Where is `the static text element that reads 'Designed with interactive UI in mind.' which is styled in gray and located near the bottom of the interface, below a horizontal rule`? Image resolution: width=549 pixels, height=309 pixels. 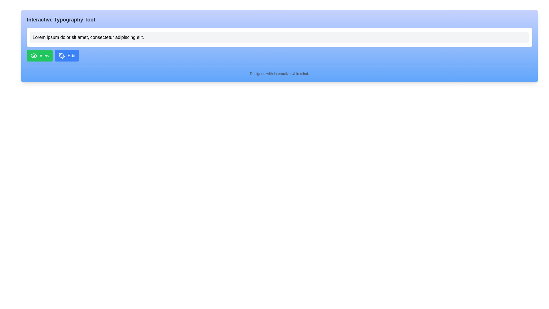 the static text element that reads 'Designed with interactive UI in mind.' which is styled in gray and located near the bottom of the interface, below a horizontal rule is located at coordinates (279, 73).